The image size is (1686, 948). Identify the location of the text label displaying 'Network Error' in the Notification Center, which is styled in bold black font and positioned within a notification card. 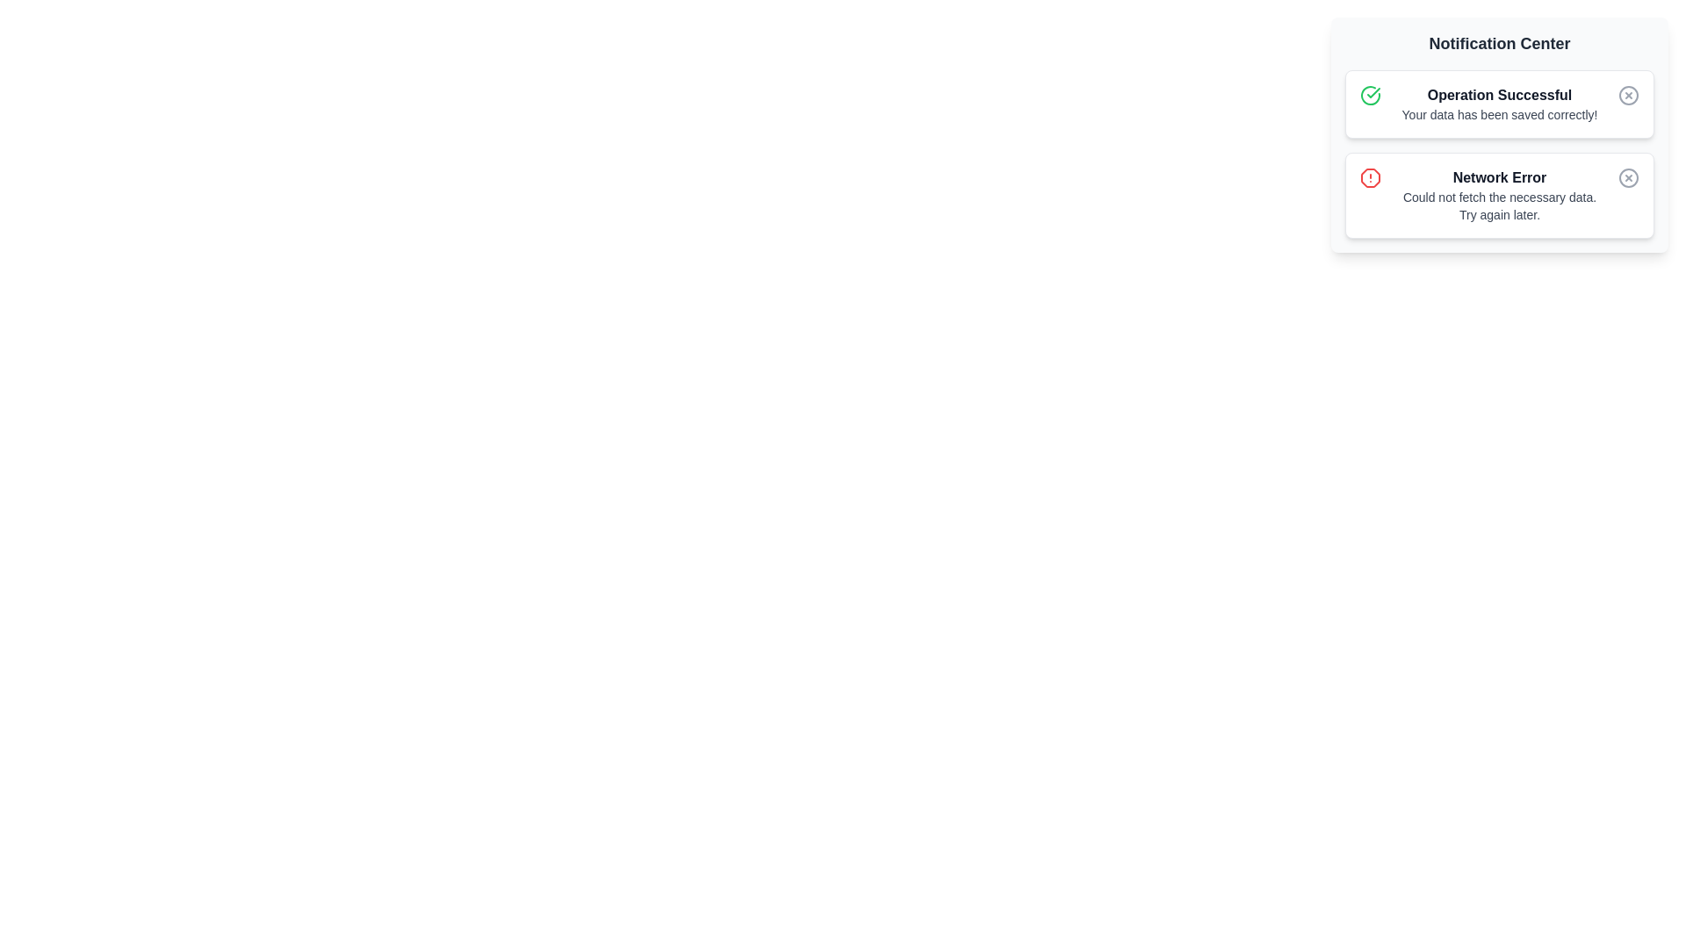
(1499, 178).